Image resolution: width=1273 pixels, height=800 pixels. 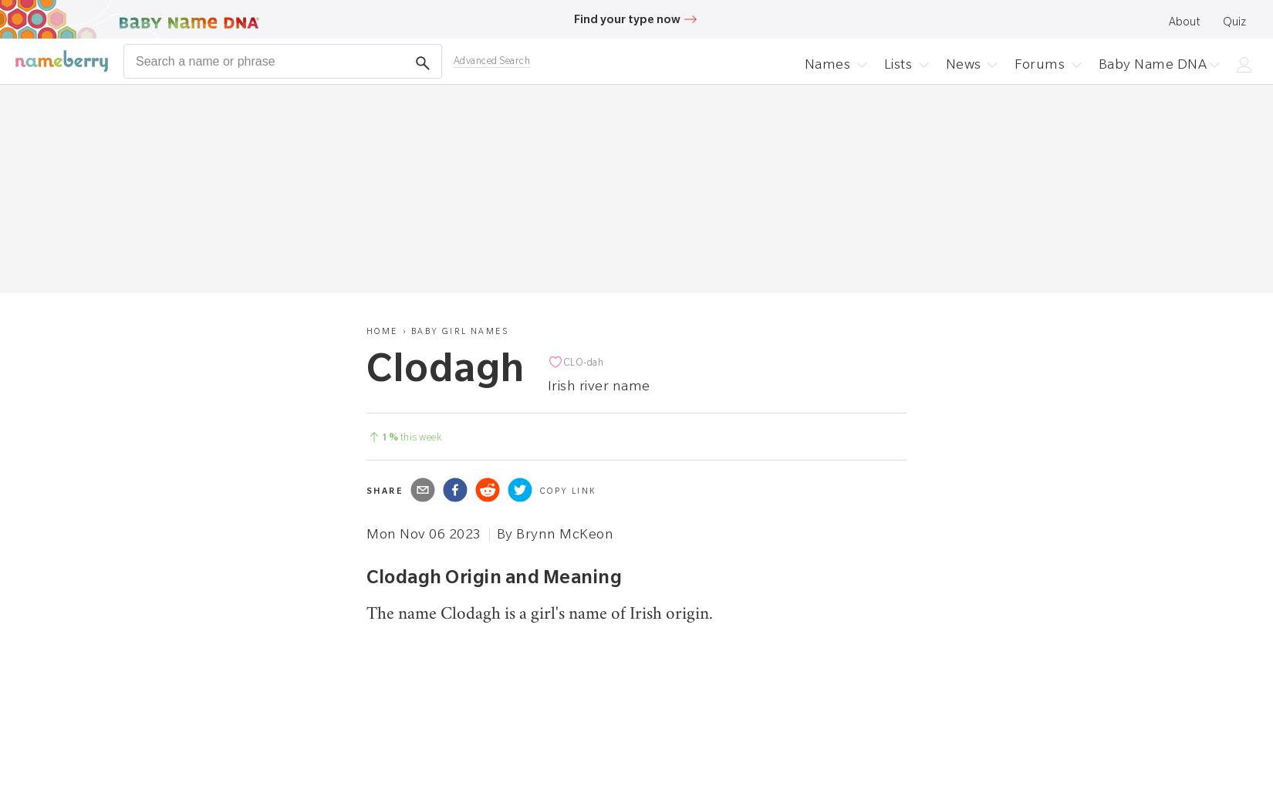 What do you see at coordinates (419, 437) in the screenshot?
I see `'this week'` at bounding box center [419, 437].